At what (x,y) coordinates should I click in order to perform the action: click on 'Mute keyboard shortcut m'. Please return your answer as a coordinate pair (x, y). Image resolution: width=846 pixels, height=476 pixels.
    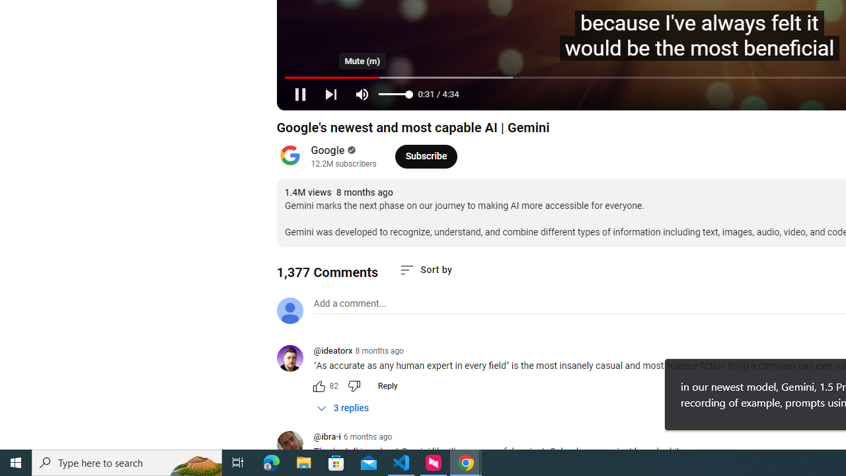
    Looking at the image, I should click on (362, 93).